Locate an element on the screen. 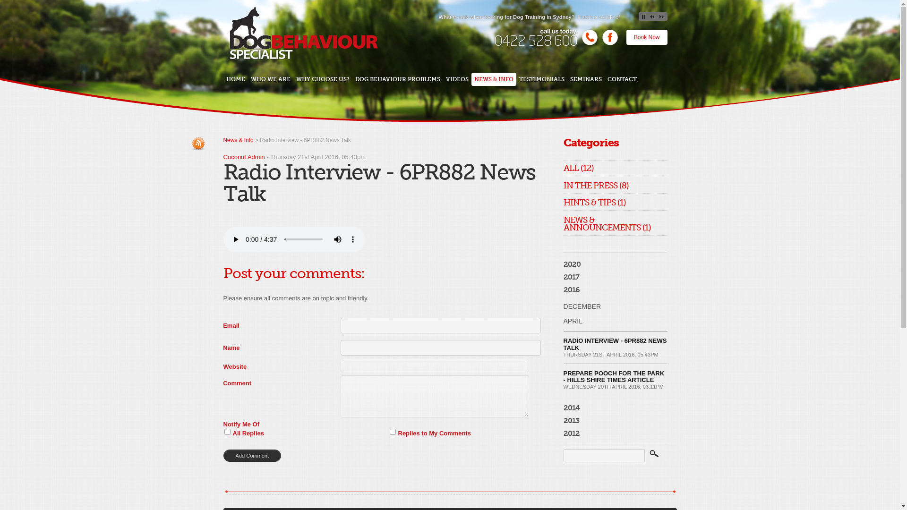  'WHY CHOOSE US?' is located at coordinates (323, 79).